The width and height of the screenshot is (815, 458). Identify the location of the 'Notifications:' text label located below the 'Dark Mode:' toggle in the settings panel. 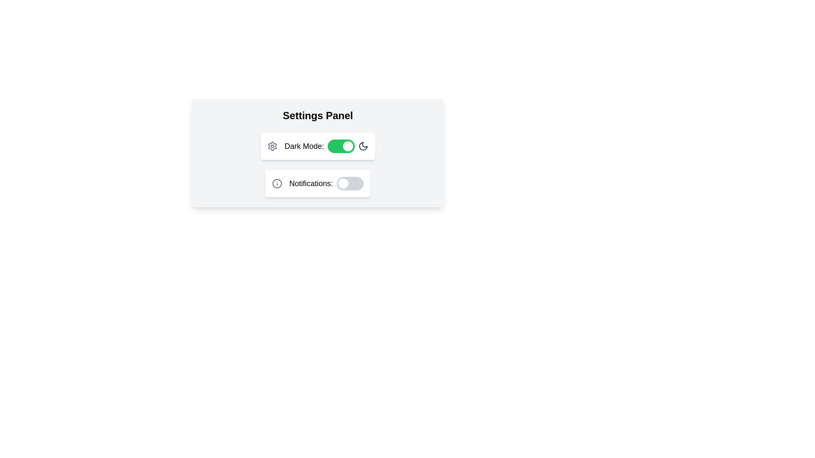
(311, 183).